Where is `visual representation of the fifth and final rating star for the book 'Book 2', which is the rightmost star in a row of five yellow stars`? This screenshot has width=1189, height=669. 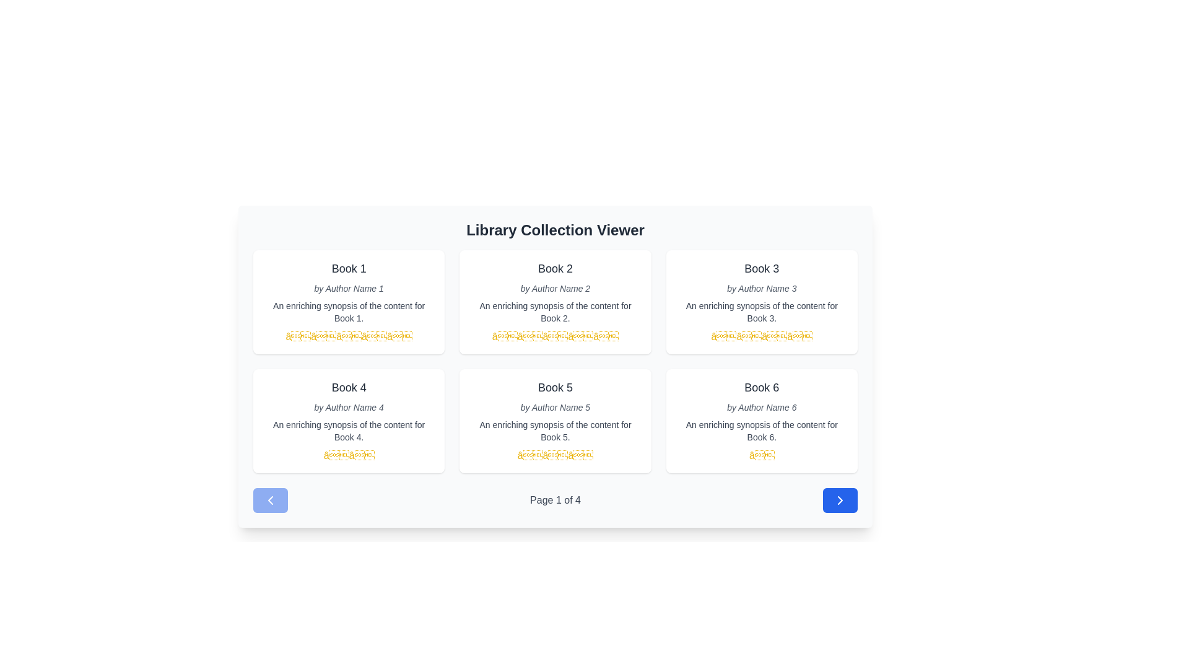
visual representation of the fifth and final rating star for the book 'Book 2', which is the rightmost star in a row of five yellow stars is located at coordinates (606, 336).